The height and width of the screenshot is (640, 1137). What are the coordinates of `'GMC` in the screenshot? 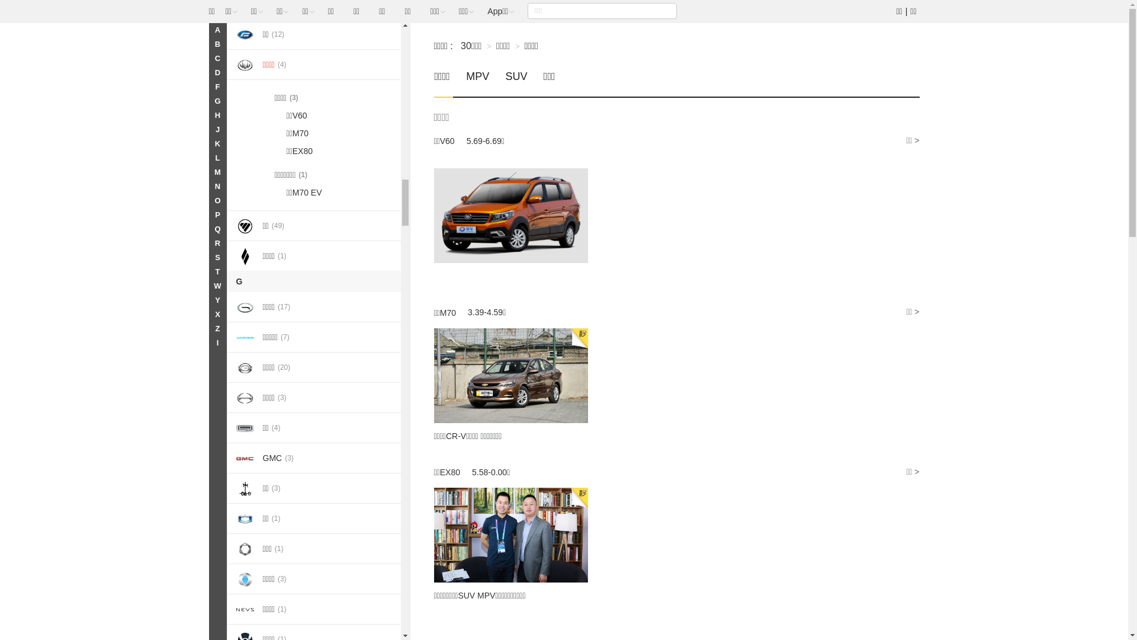 It's located at (314, 457).